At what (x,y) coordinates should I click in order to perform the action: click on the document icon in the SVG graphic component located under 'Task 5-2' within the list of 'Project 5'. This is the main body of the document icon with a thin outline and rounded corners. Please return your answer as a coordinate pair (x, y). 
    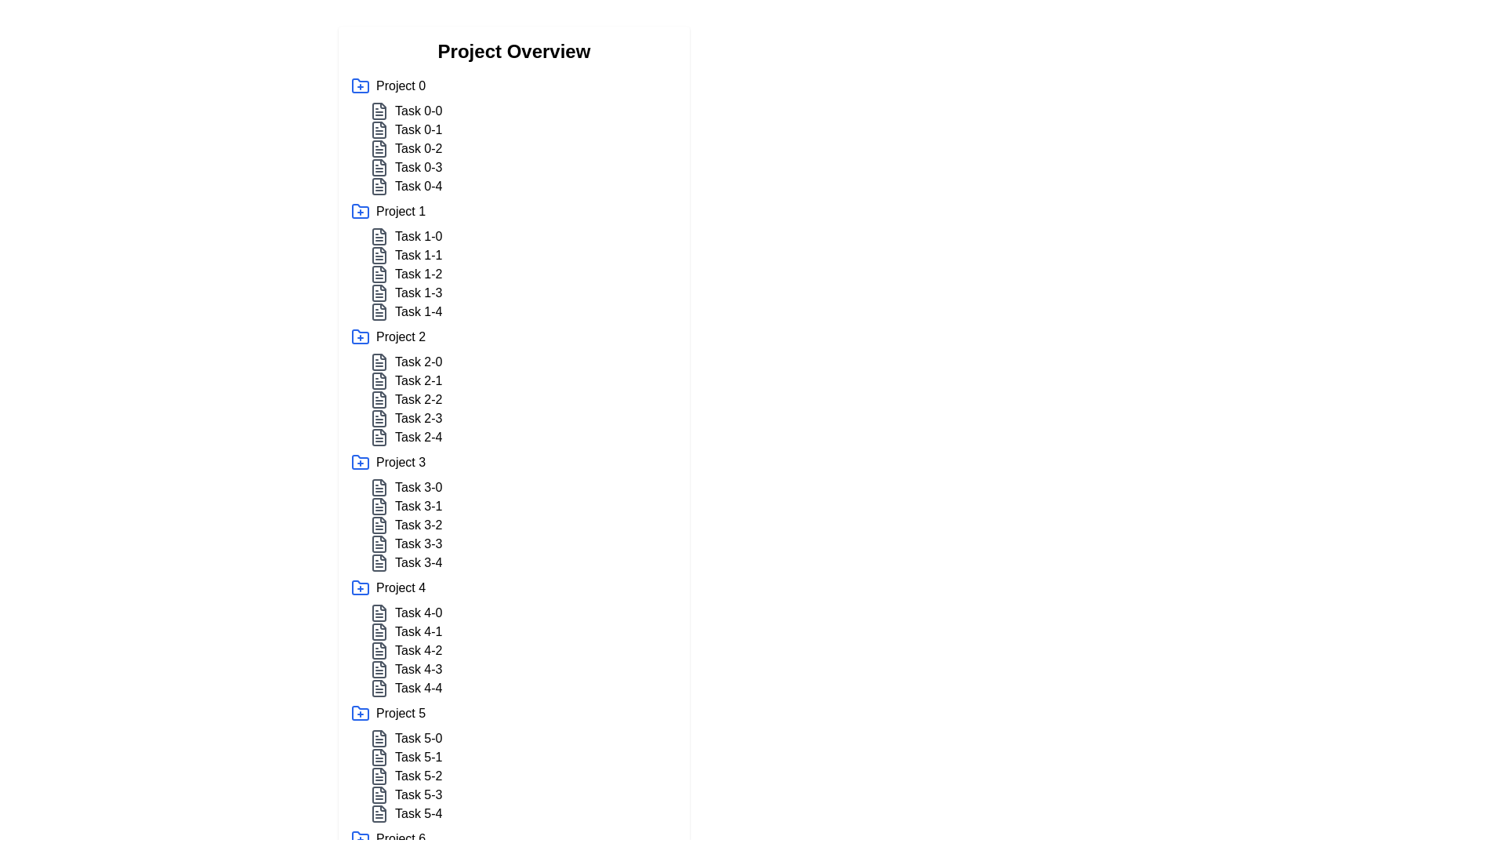
    Looking at the image, I should click on (379, 776).